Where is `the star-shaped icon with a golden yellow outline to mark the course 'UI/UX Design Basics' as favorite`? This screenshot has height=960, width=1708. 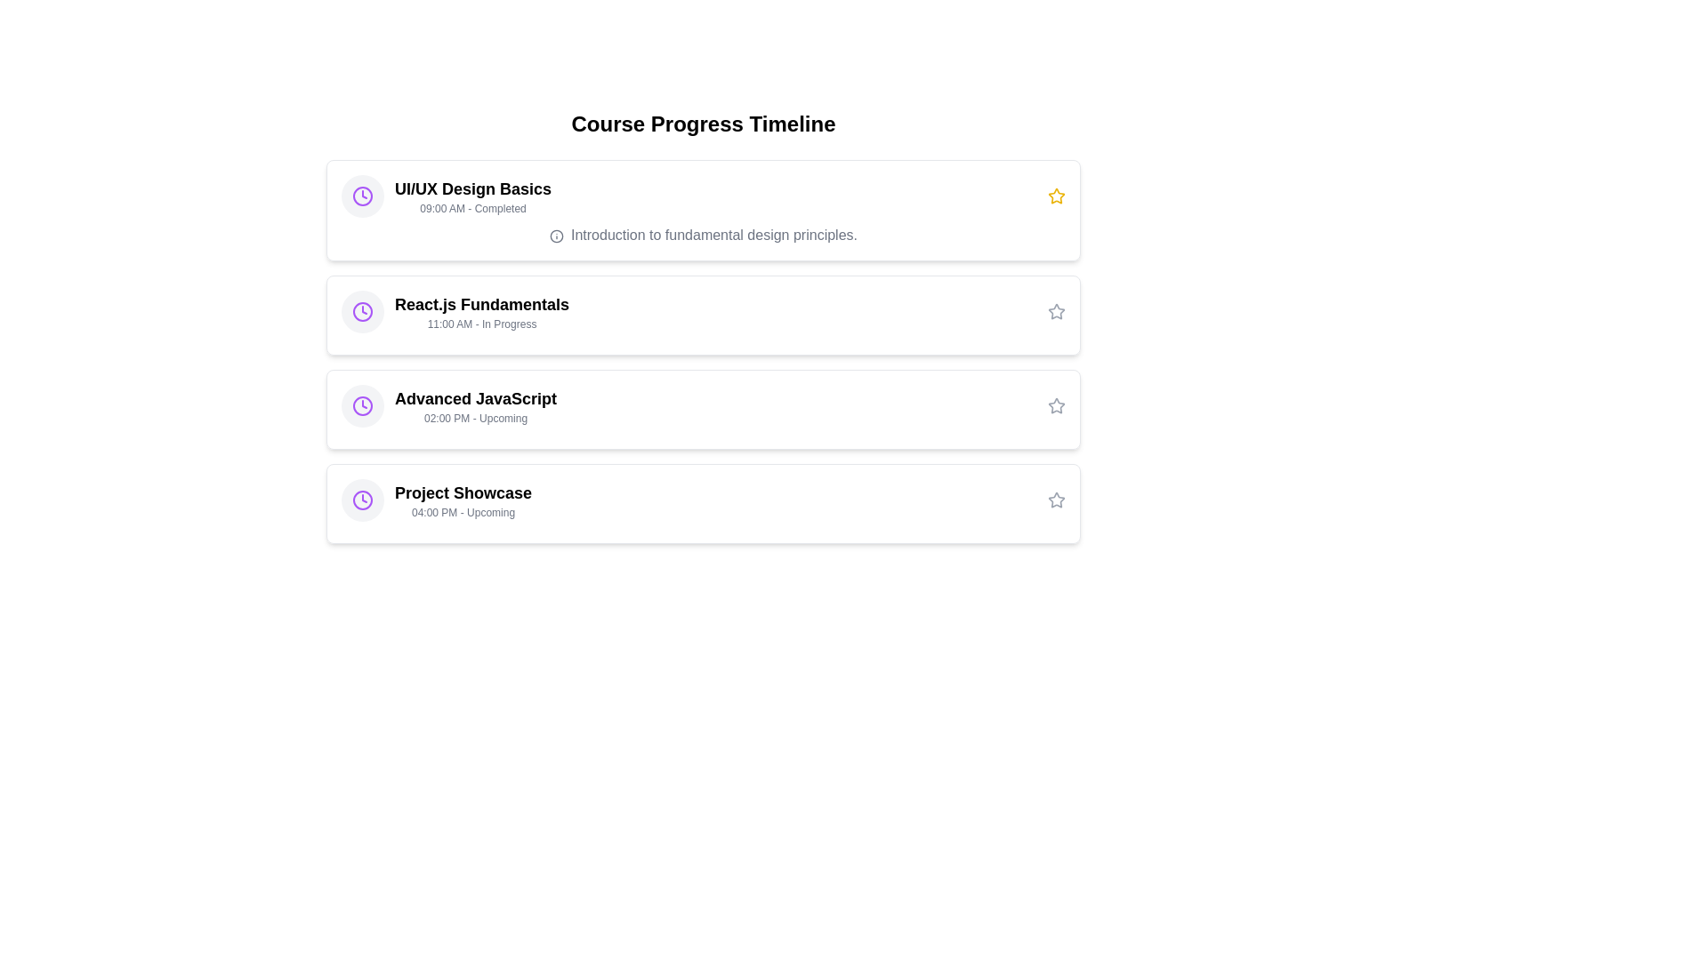 the star-shaped icon with a golden yellow outline to mark the course 'UI/UX Design Basics' as favorite is located at coordinates (1057, 196).